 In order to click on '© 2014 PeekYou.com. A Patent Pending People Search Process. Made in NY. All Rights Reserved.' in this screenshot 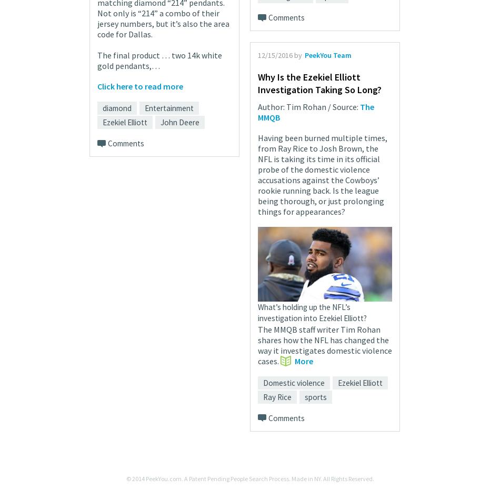, I will do `click(249, 477)`.